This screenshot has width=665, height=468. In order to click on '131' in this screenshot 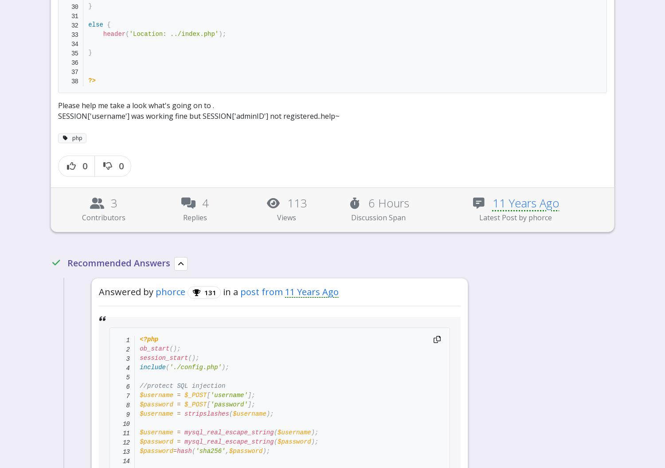, I will do `click(146, 13)`.